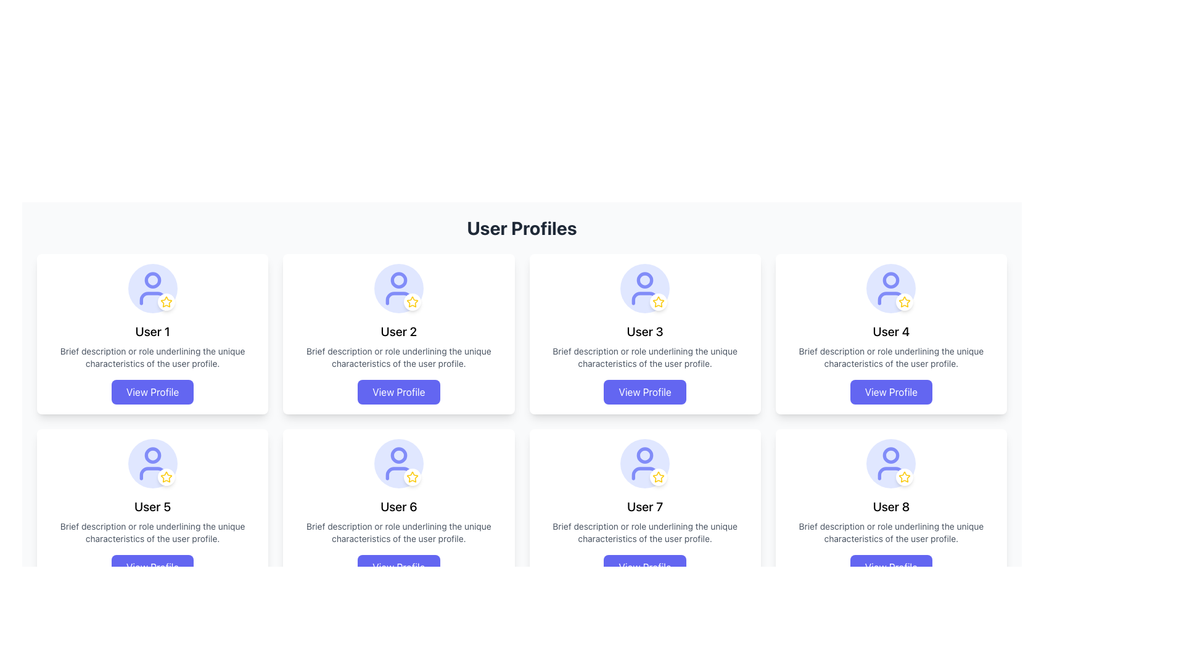 The width and height of the screenshot is (1184, 666). What do you see at coordinates (644, 288) in the screenshot?
I see `the User Avatar with Badge for 'User 3', which is located at the top center of the card, visually representing the user and indicating status with a star icon` at bounding box center [644, 288].